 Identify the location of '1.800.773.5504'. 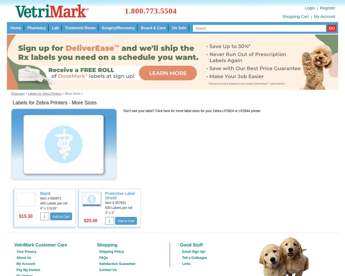
(150, 10).